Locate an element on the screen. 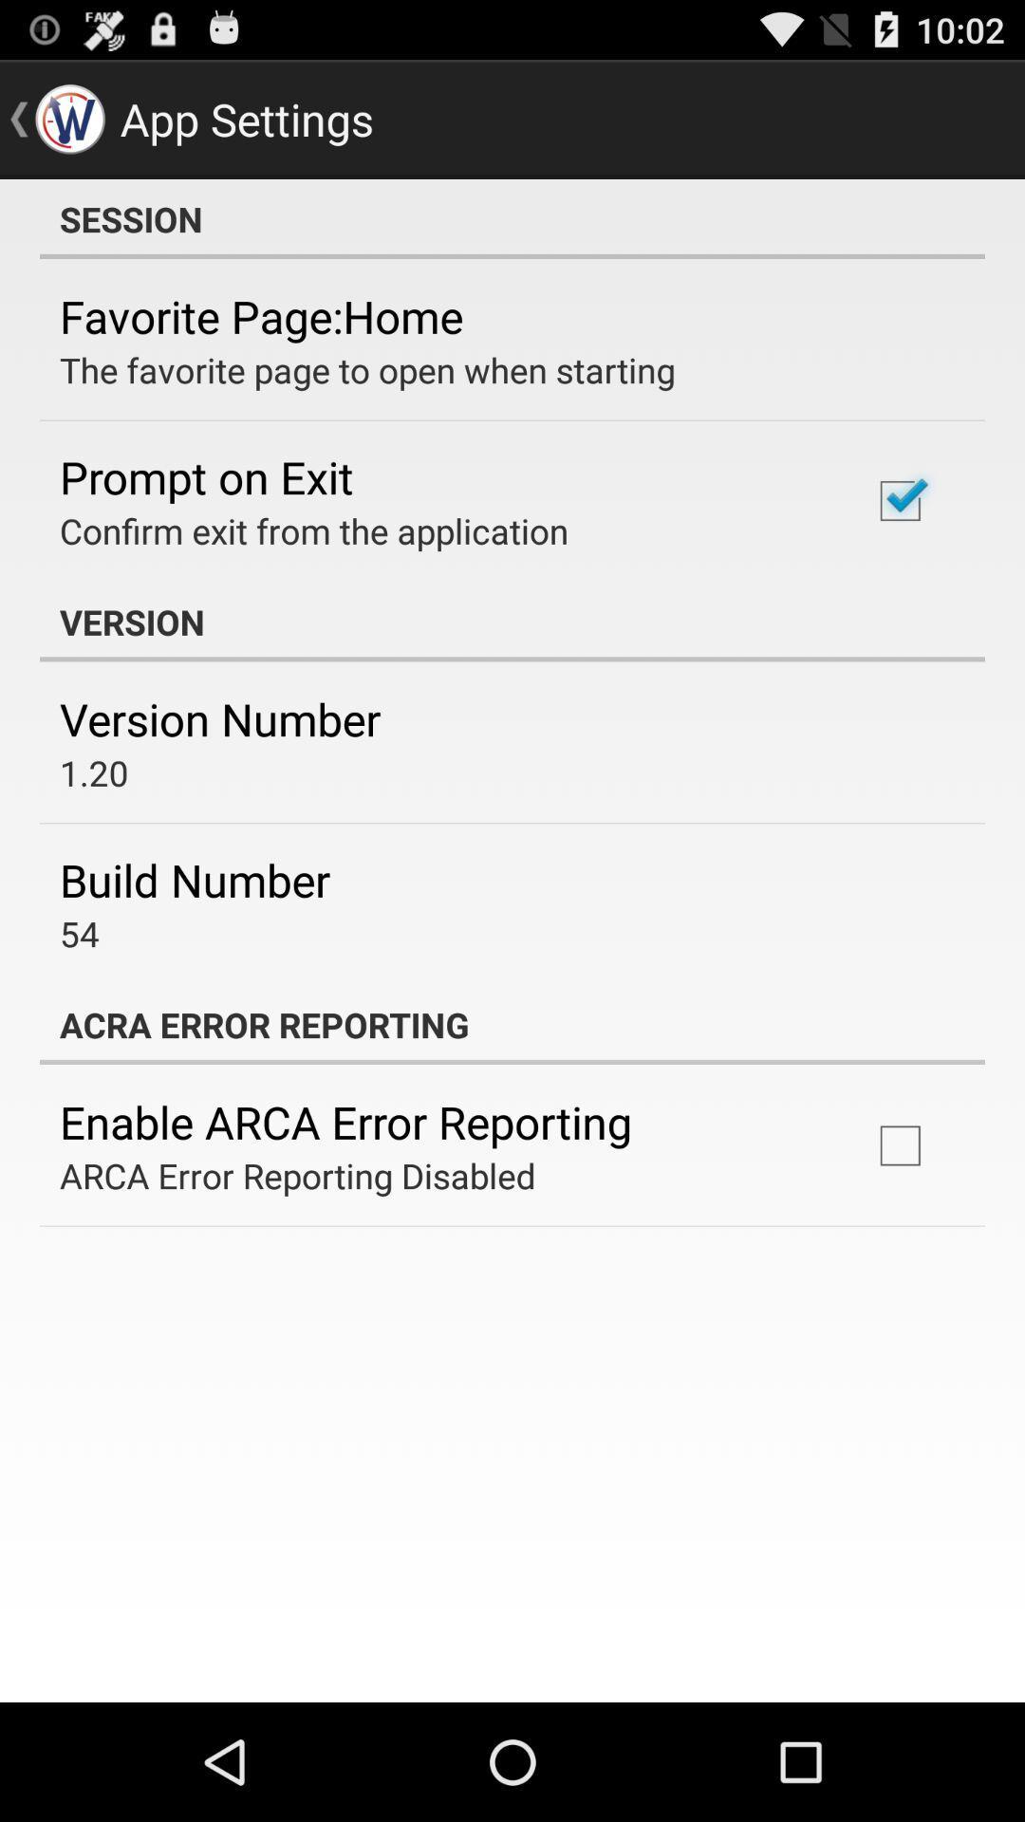 The image size is (1025, 1822). the item below prompt on exit is located at coordinates (313, 530).